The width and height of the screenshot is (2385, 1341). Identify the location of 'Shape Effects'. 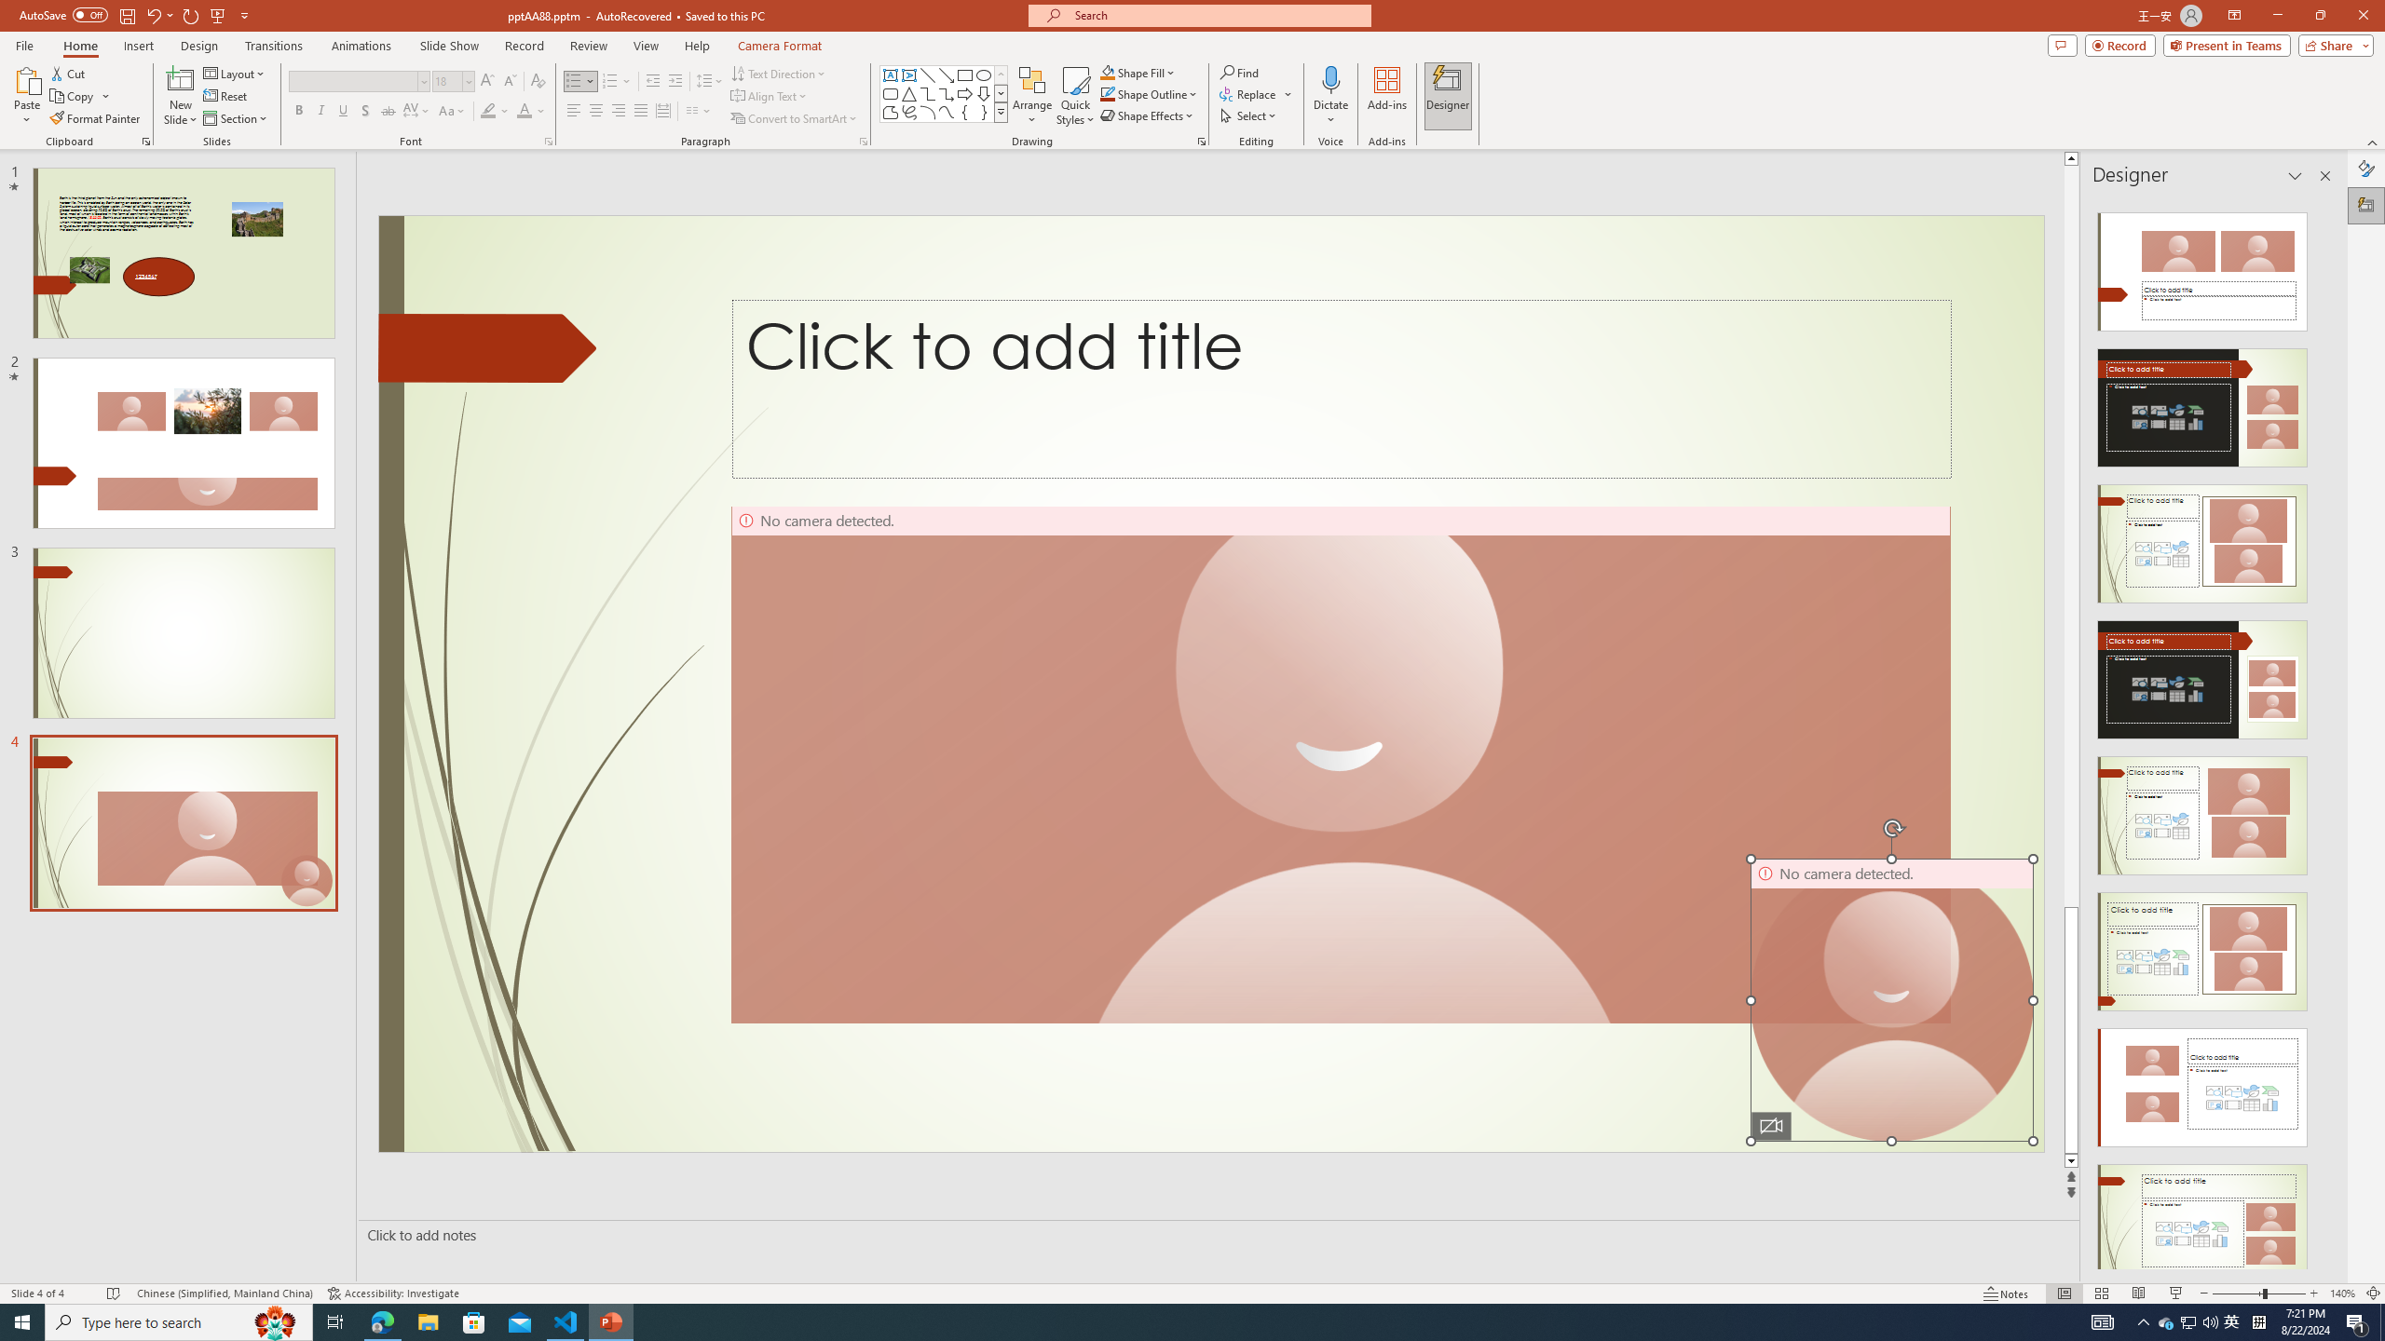
(1147, 114).